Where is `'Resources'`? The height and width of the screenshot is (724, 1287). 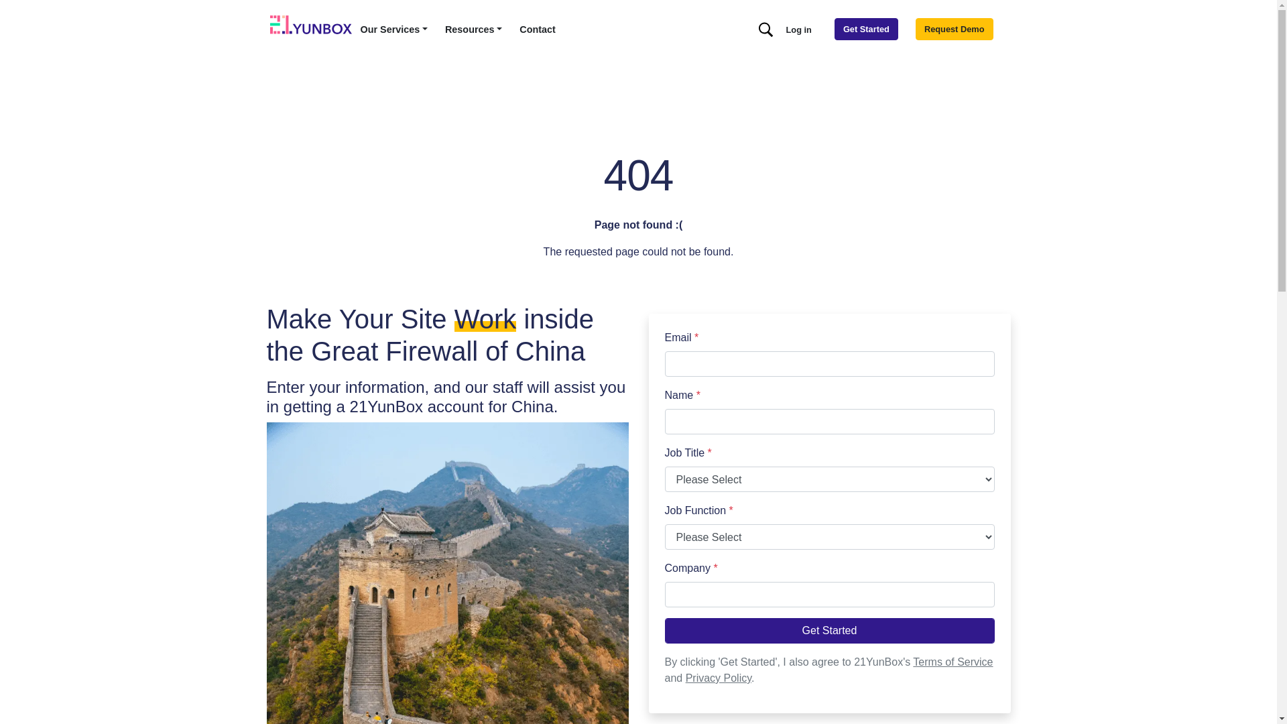
'Resources' is located at coordinates (473, 30).